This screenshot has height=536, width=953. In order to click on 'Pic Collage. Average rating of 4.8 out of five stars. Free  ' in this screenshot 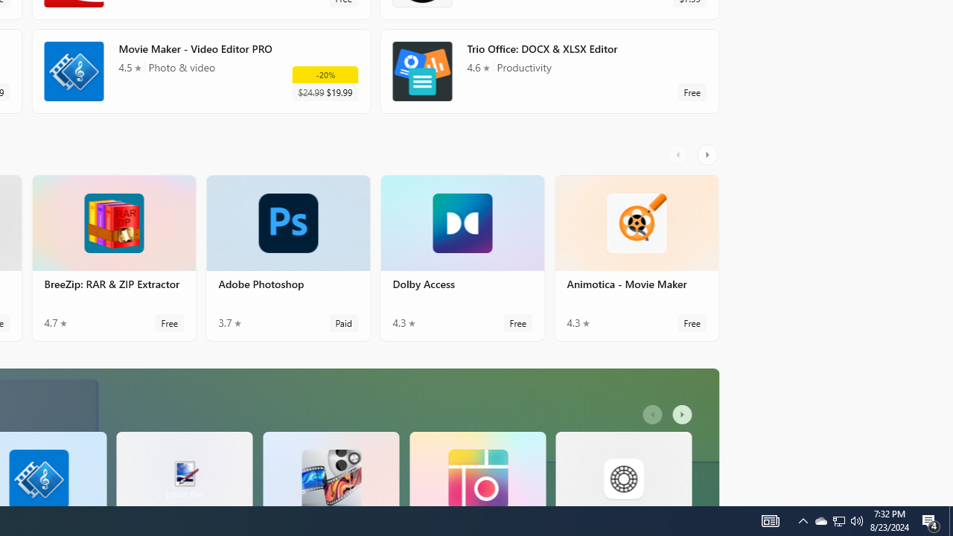, I will do `click(477, 468)`.